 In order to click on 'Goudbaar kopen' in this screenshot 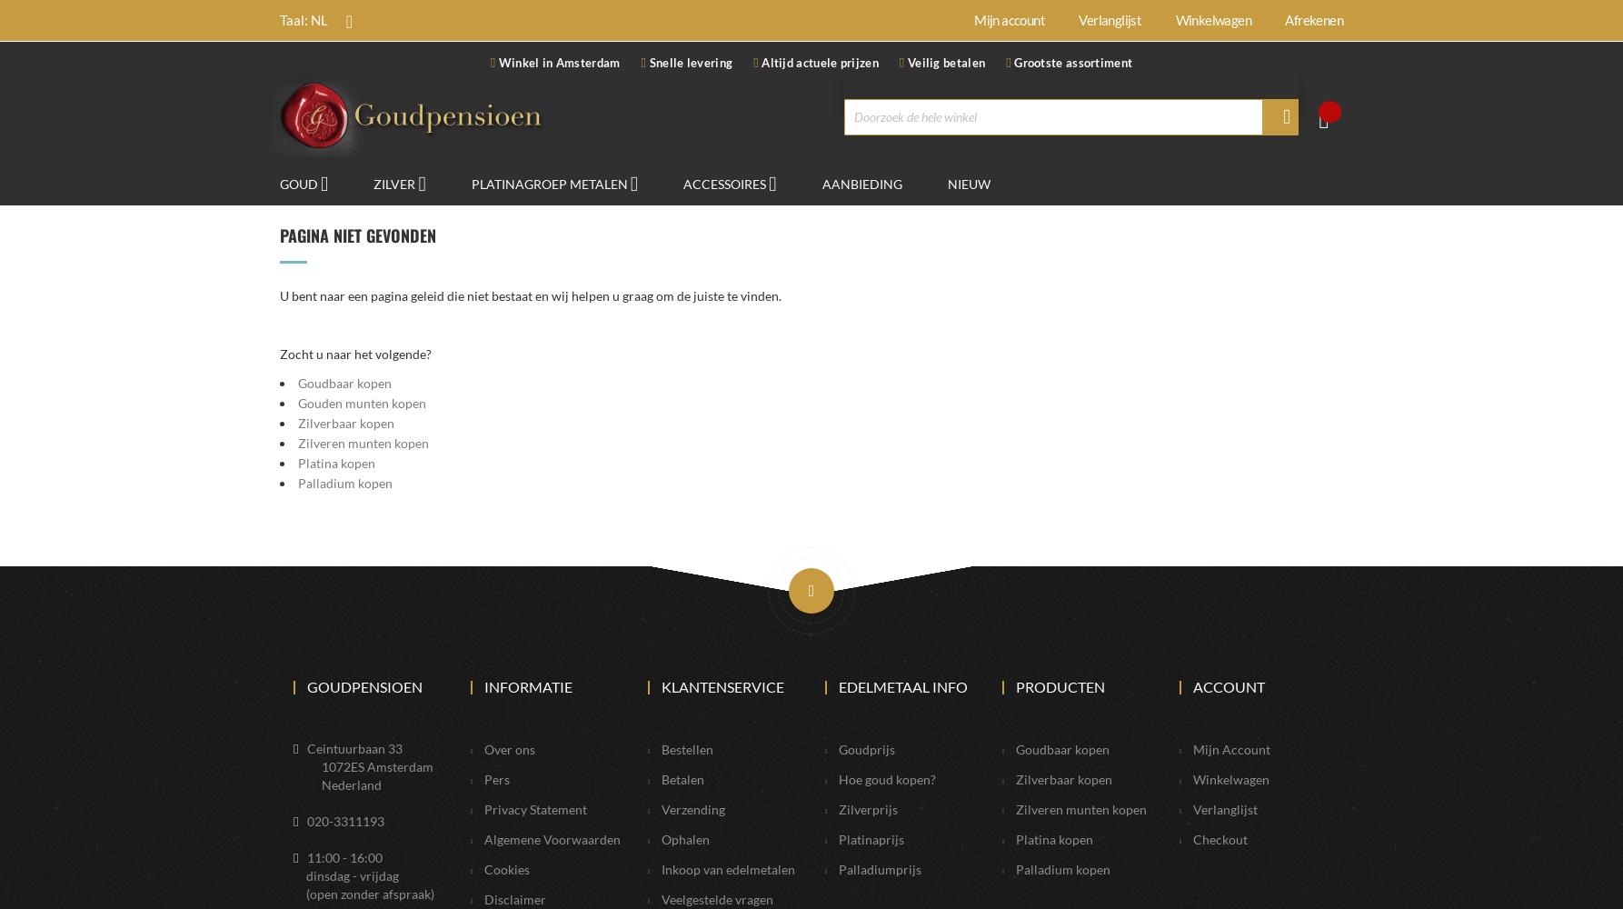, I will do `click(298, 383)`.